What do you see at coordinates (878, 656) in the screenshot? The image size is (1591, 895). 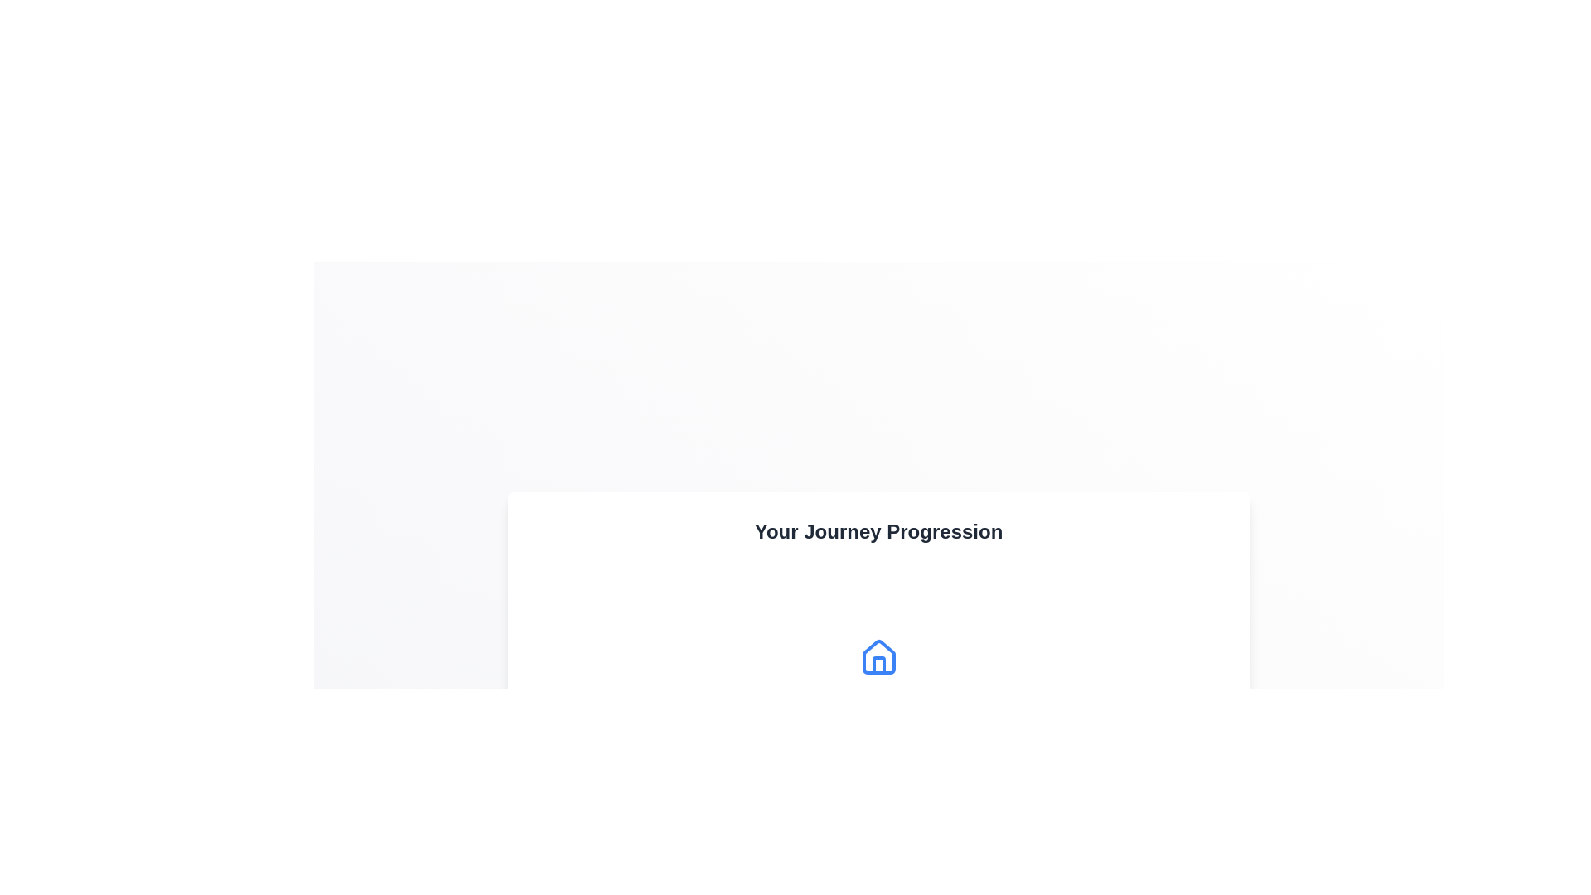 I see `the main structural outline of the house icon, which features a triangular roof and square base, located centrally under the text 'Your Journey Progression'` at bounding box center [878, 656].